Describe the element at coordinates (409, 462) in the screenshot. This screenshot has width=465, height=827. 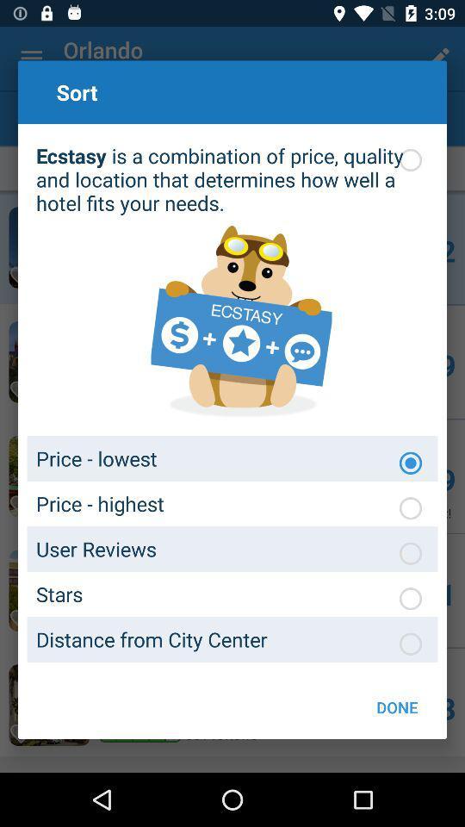
I see `chooses how to sort` at that location.